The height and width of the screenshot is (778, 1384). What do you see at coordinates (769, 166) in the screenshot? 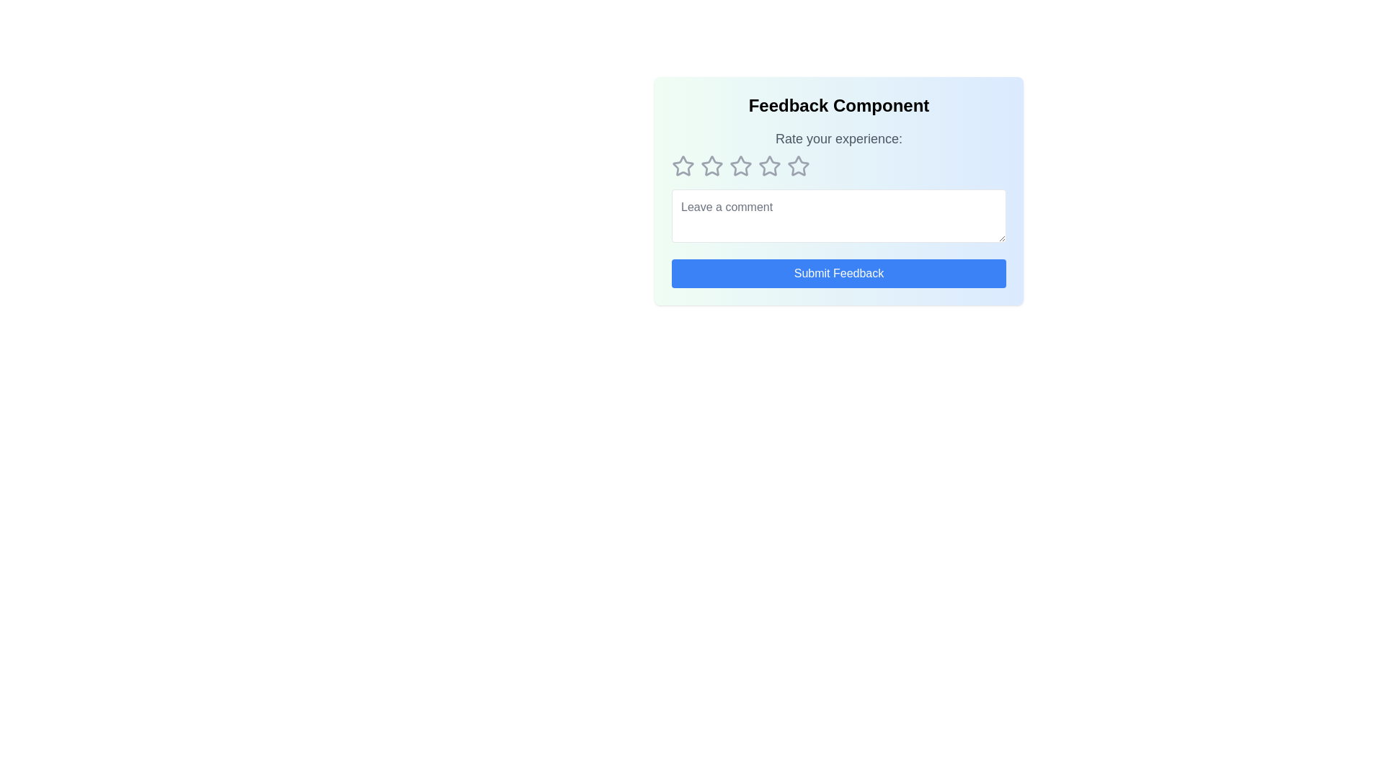
I see `the fourth star icon in the rating component, which allows users to select it as part of the rating input` at bounding box center [769, 166].